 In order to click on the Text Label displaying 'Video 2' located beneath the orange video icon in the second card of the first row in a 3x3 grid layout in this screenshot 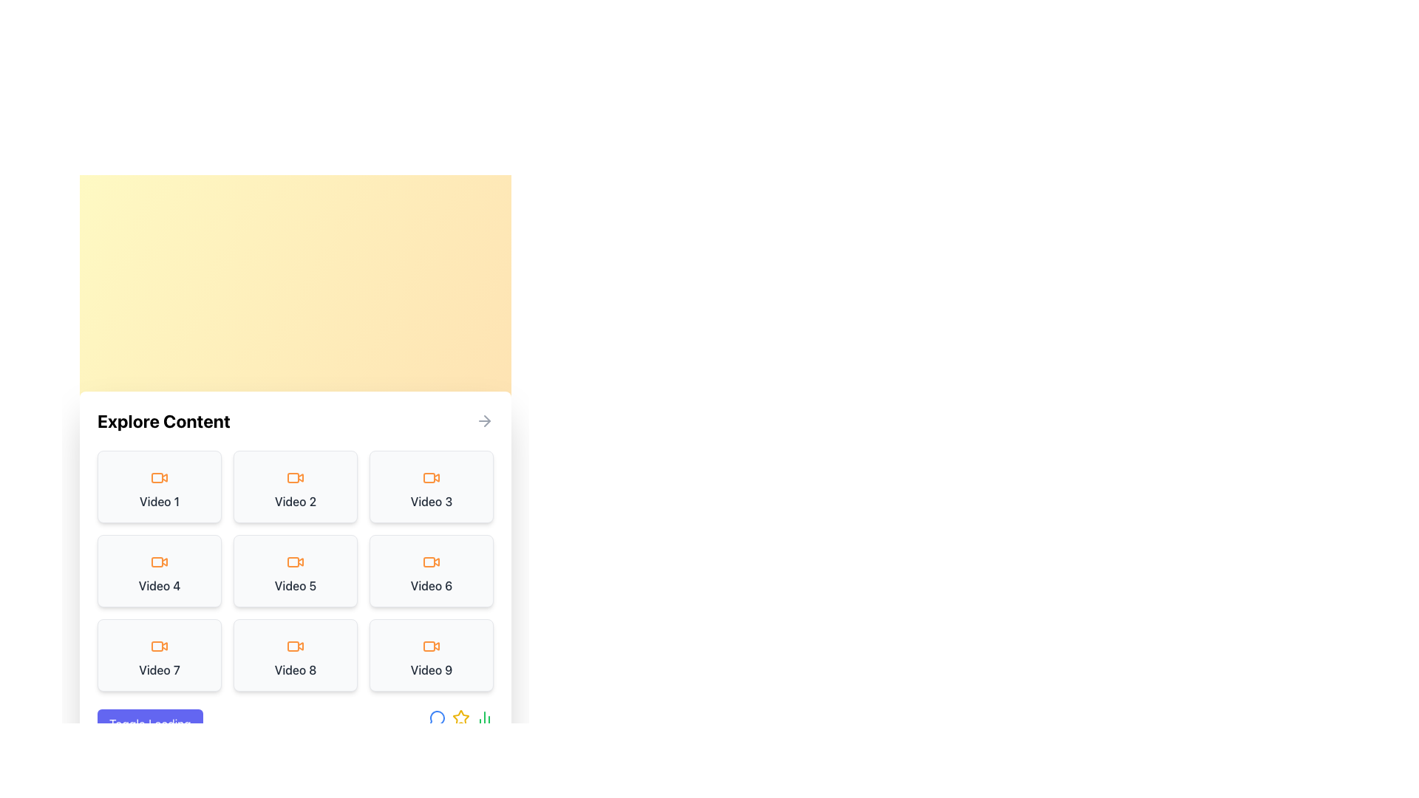, I will do `click(295, 500)`.